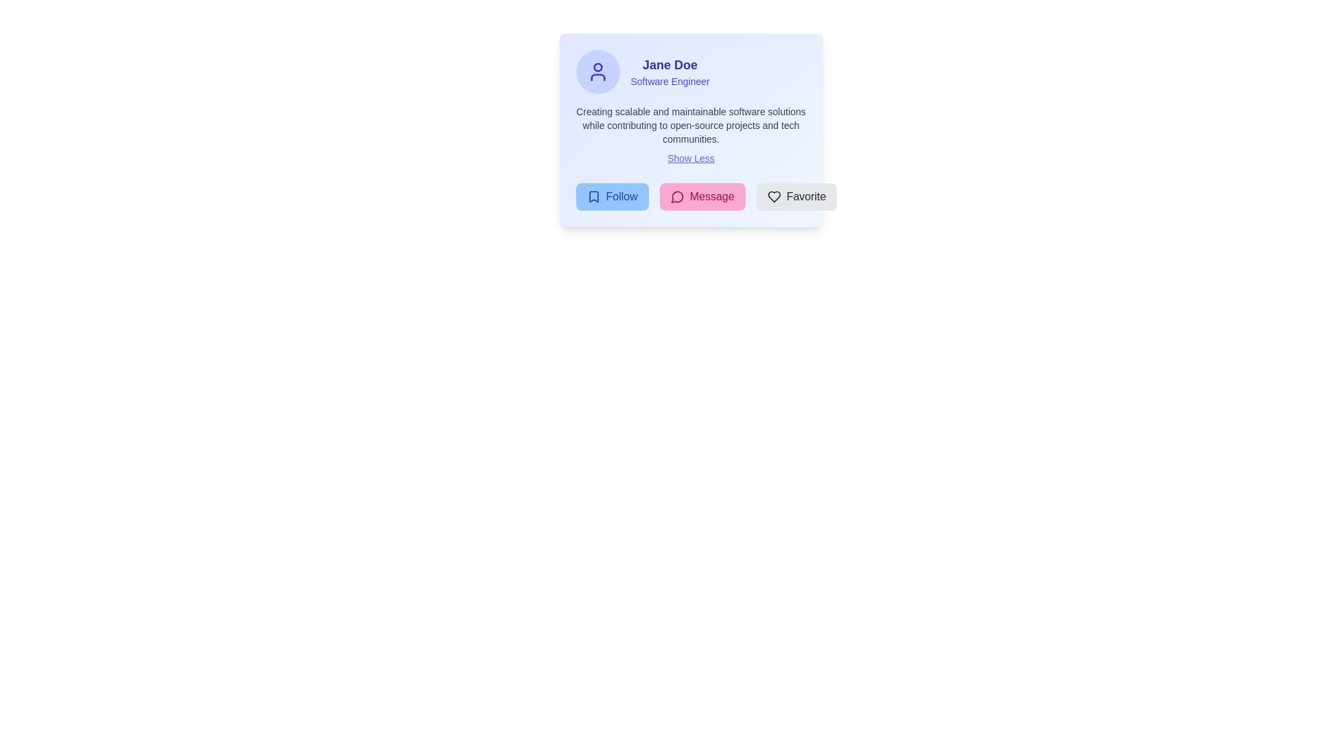 Image resolution: width=1317 pixels, height=741 pixels. I want to click on the 'Follow' button, which is the leftmost button with a blue background and a bookmark icon, so click(611, 196).